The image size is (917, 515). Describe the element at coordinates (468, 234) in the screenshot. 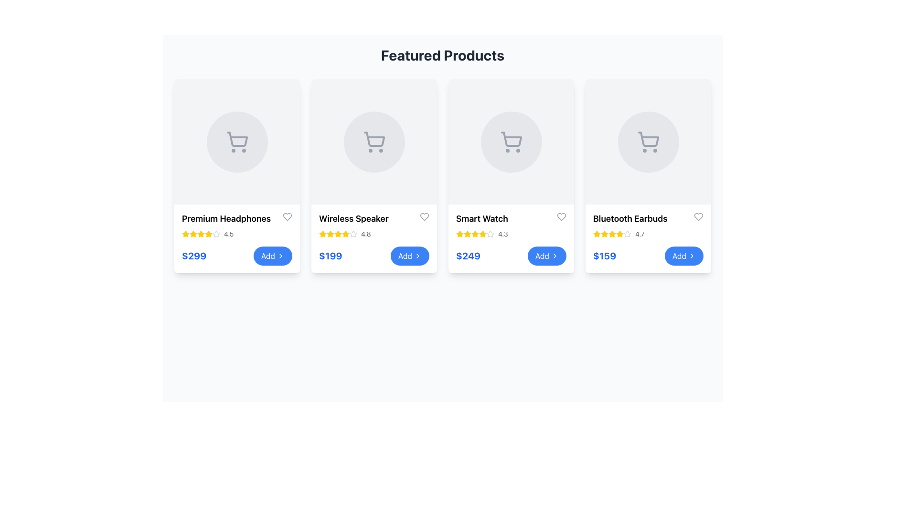

I see `the third yellow star rating icon in the 'Smart Watch' product card` at that location.